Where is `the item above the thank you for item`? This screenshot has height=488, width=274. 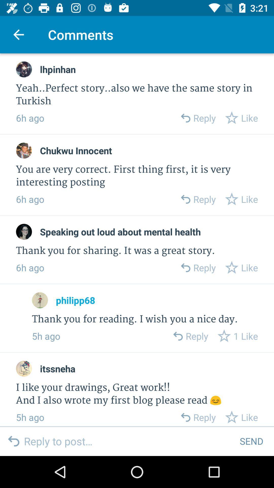 the item above the thank you for item is located at coordinates (75, 300).